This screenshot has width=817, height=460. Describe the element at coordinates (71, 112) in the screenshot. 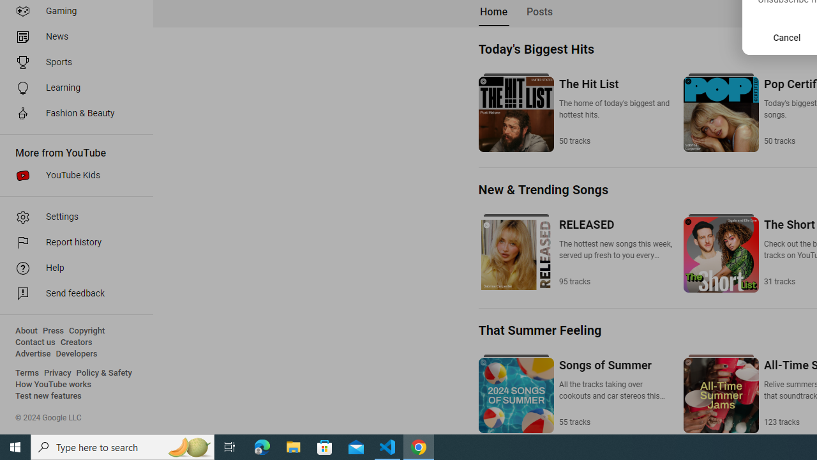

I see `'Fashion & Beauty'` at that location.